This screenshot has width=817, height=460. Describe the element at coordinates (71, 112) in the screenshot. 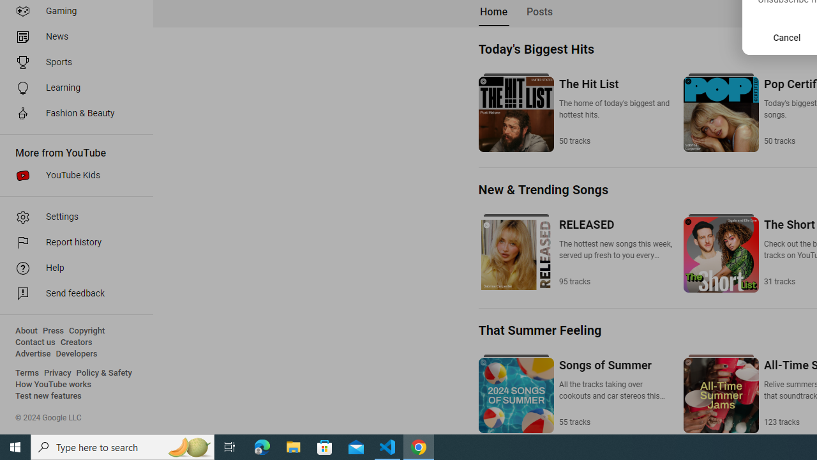

I see `'Fashion & Beauty'` at that location.